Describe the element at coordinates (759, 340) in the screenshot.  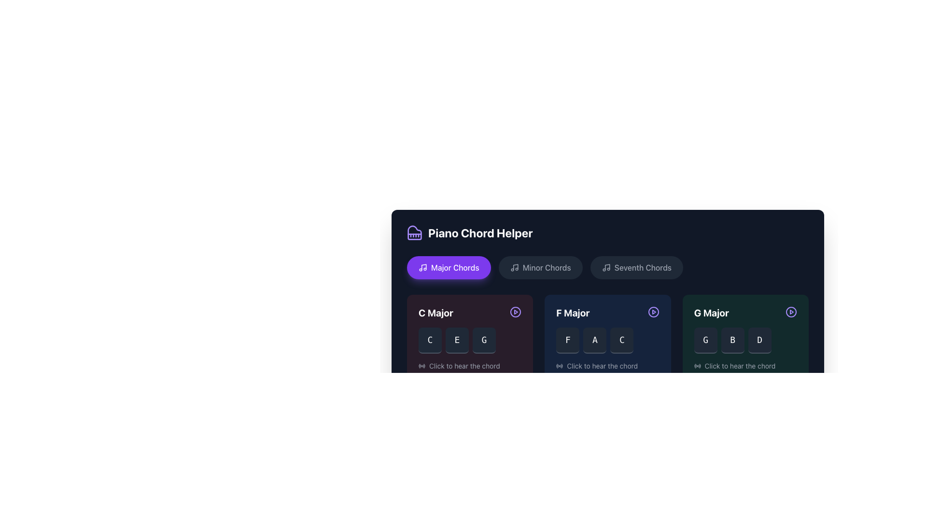
I see `the dark gray button labeled 'D' with rounded corners, which is the third button in the horizontal sequence of three within the 'G Major' group` at that location.